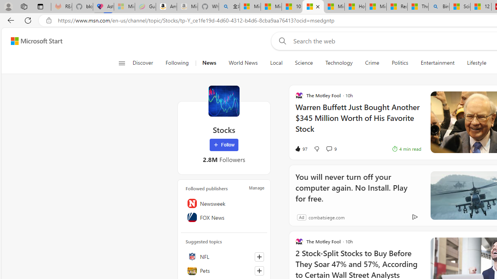  I want to click on 'Science - MSN', so click(460, 7).